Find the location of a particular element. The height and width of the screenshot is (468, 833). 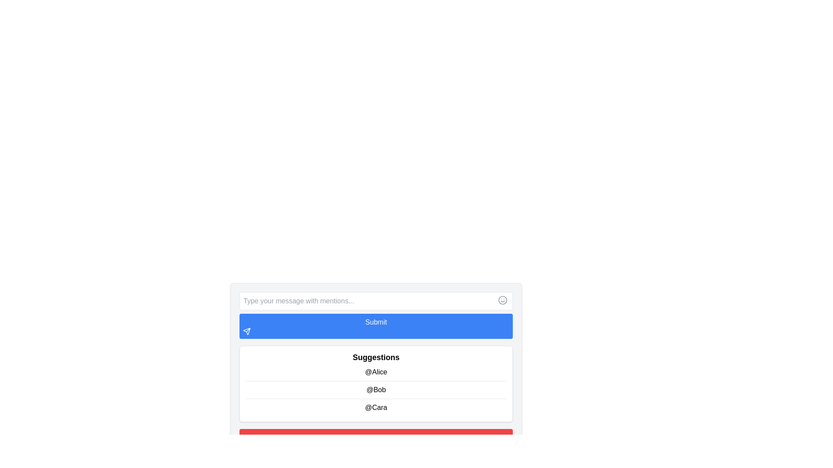

the face-like icon located in the top-right corner of the typing box, which indicates a status or option related to the input field is located at coordinates (502, 300).